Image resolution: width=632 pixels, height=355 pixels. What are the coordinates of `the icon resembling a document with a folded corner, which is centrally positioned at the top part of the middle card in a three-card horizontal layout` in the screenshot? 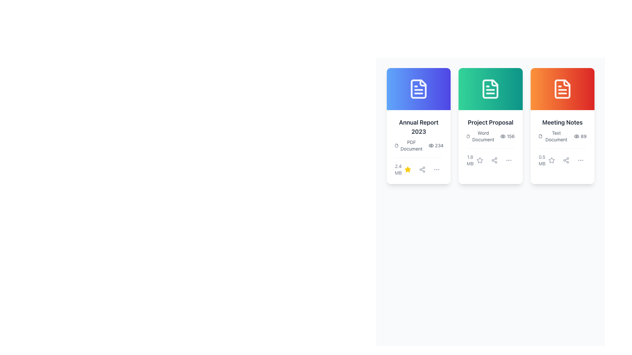 It's located at (490, 89).